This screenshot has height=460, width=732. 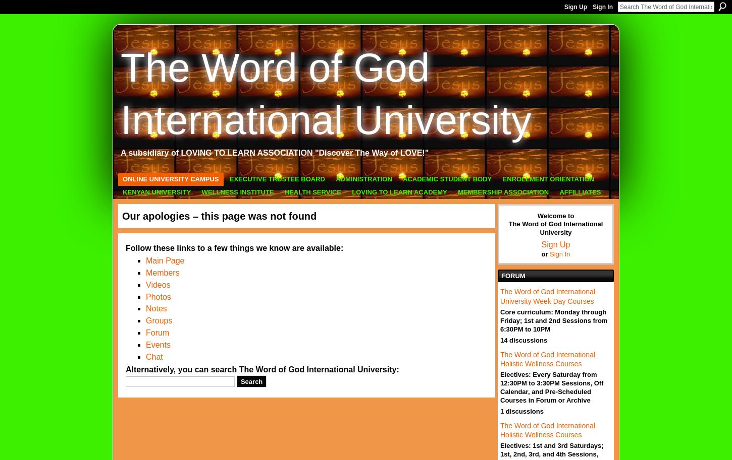 I want to click on 'Our apologies – this page was not found', so click(x=219, y=216).